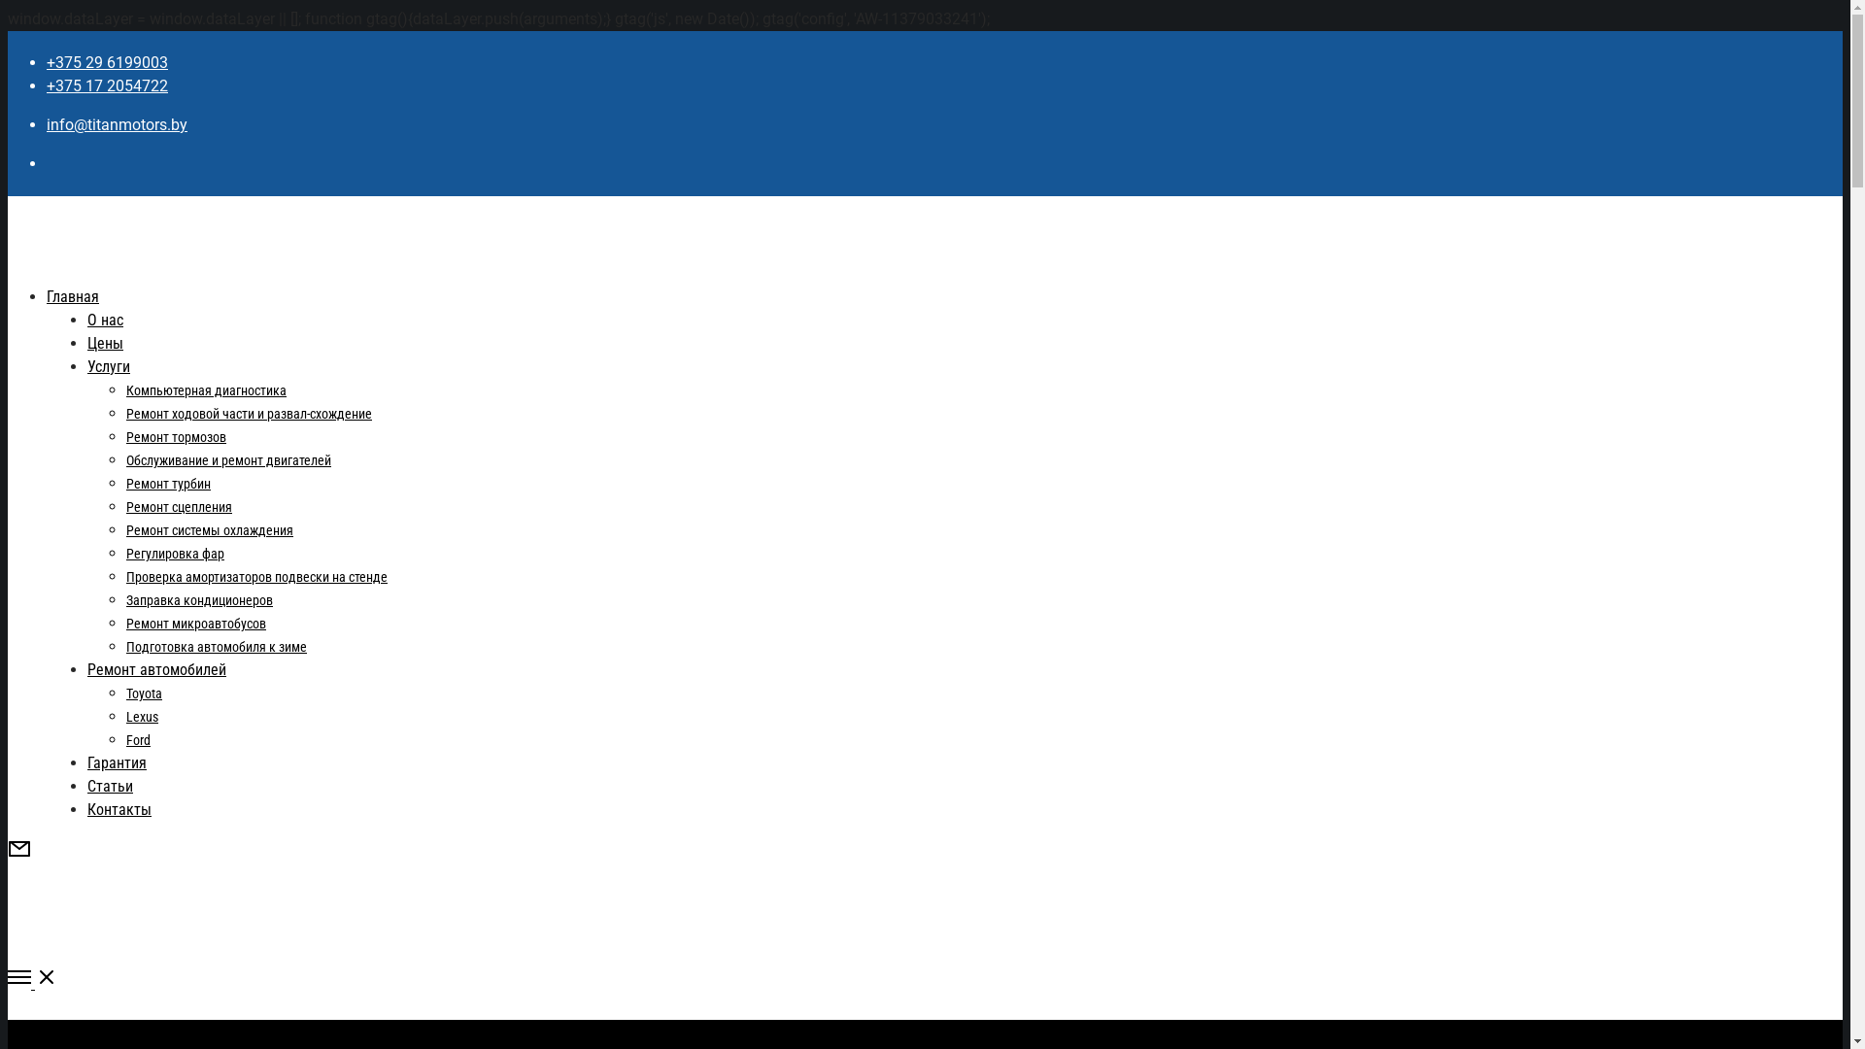 This screenshot has height=1049, width=1865. What do you see at coordinates (137, 740) in the screenshot?
I see `'Ford'` at bounding box center [137, 740].